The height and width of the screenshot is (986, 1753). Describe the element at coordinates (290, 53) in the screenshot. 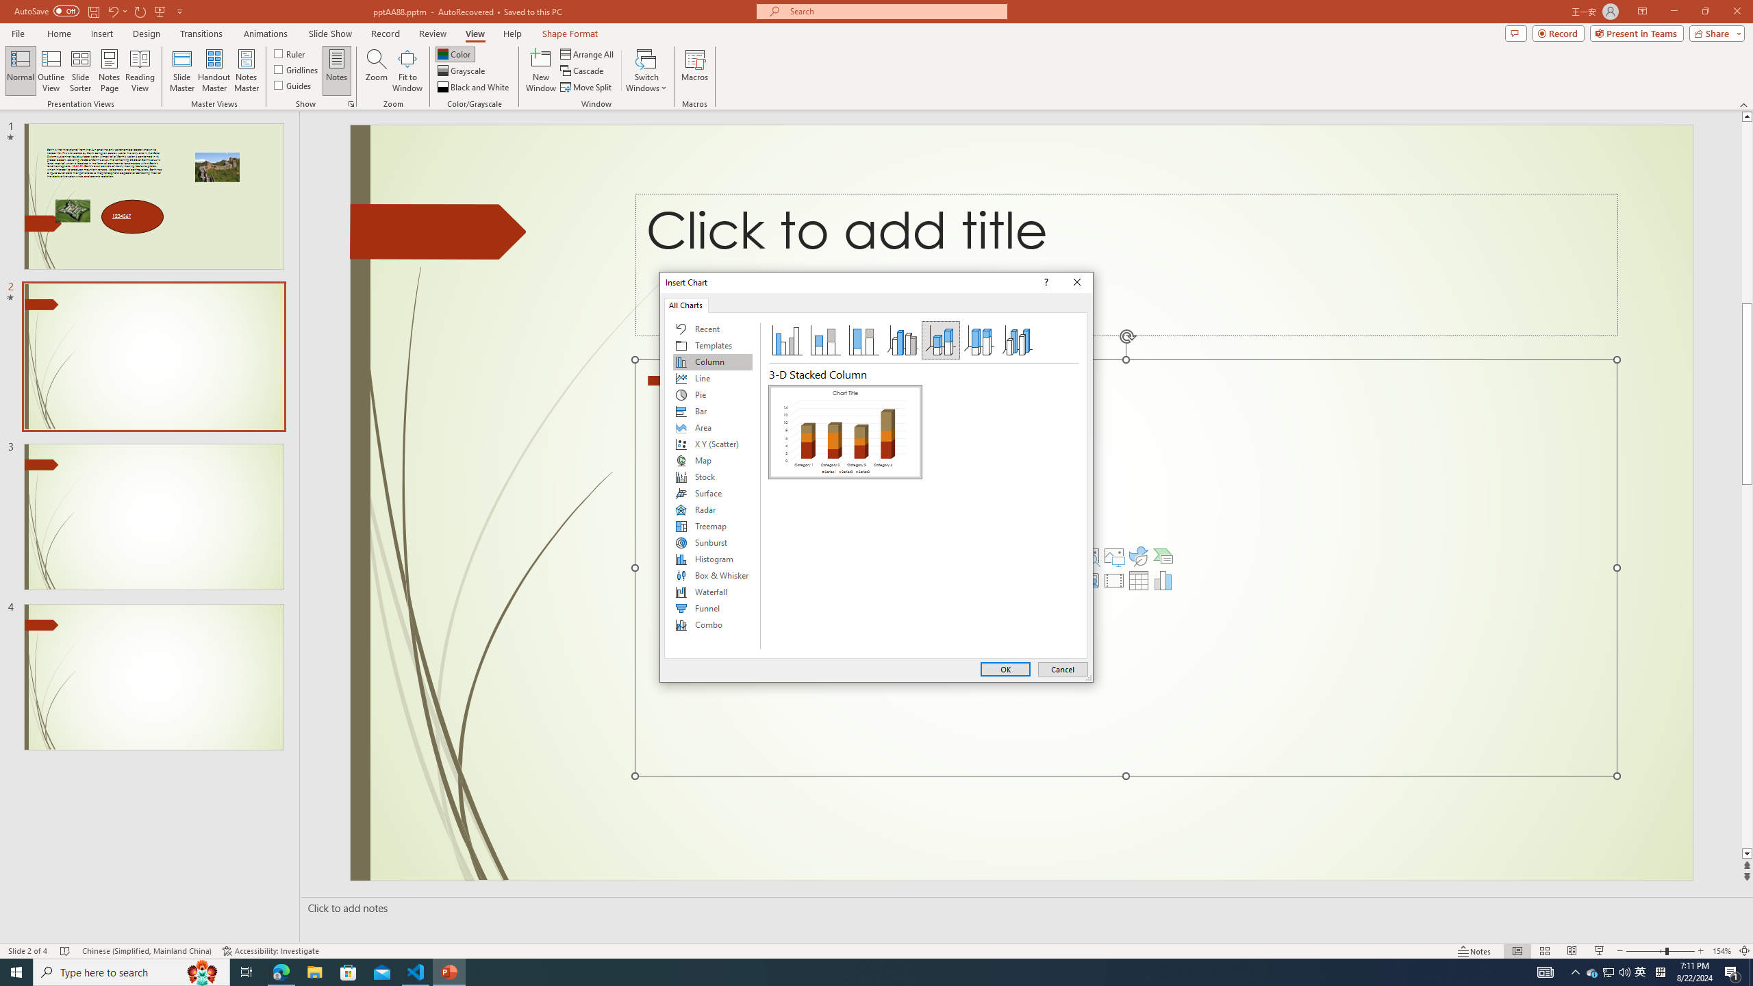

I see `'Ruler'` at that location.